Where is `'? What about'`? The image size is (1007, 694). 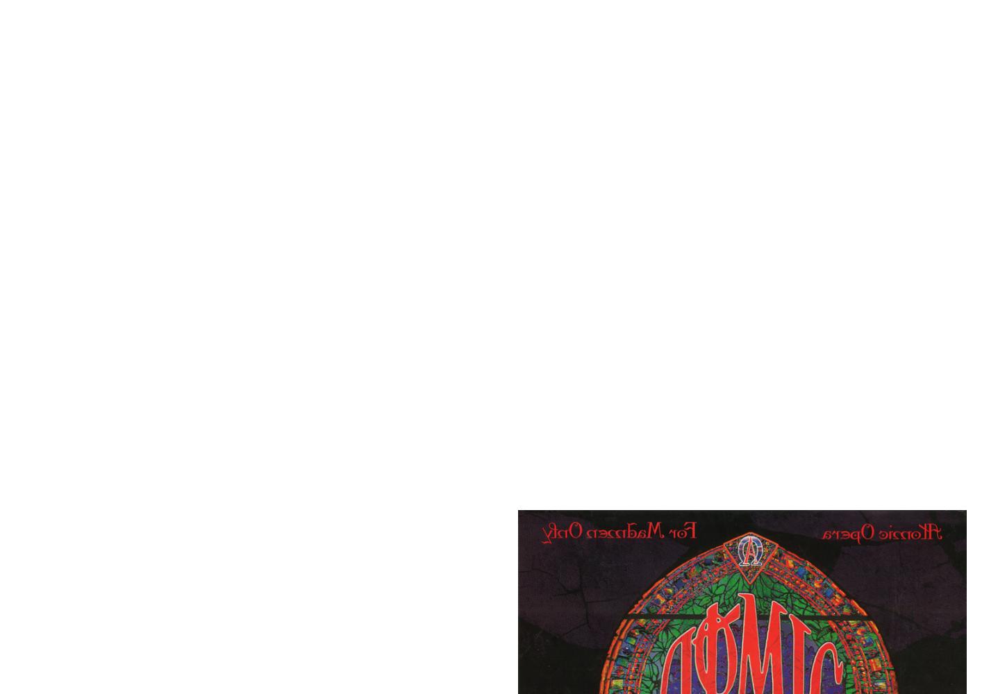
'? What about' is located at coordinates (263, 648).